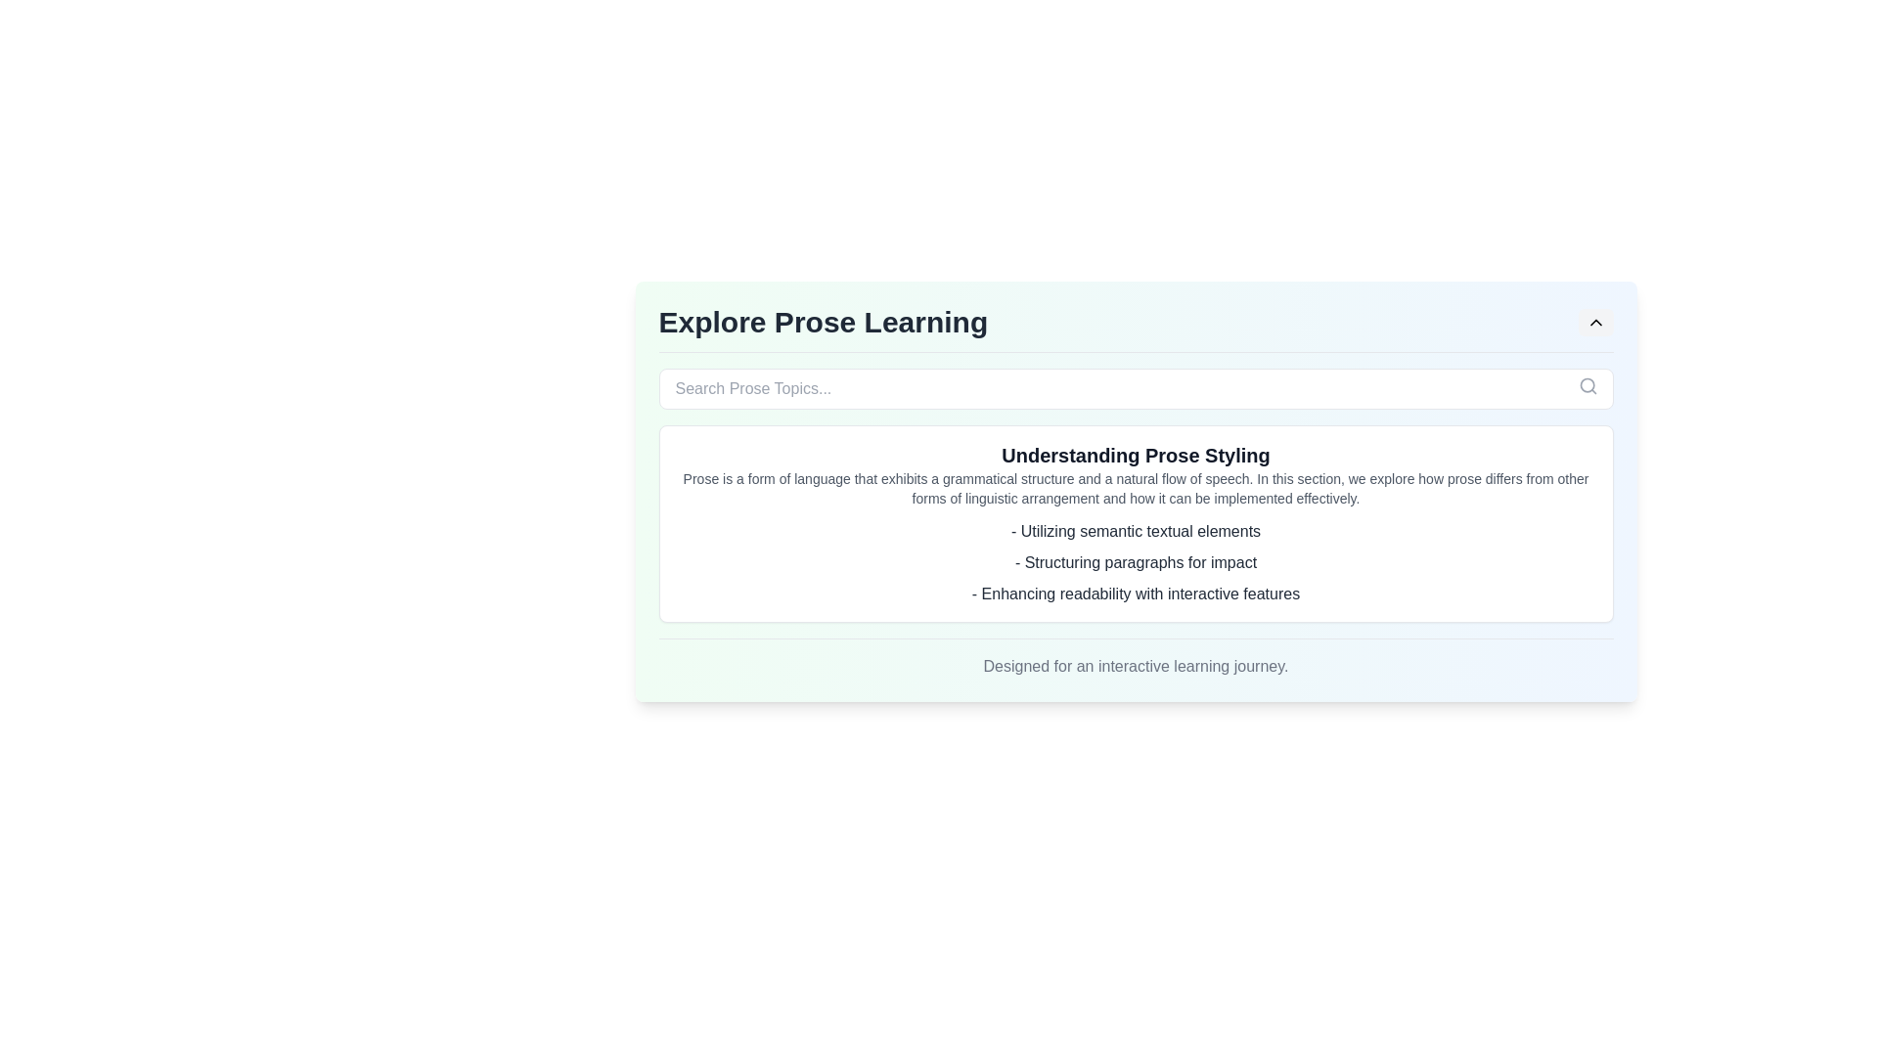 The height and width of the screenshot is (1056, 1878). What do you see at coordinates (1136, 658) in the screenshot?
I see `the centered textual phrase reading 'Designed for an interactive learning journey.' styled in a subdued gray tone, located near the bottom of the descriptive content section` at bounding box center [1136, 658].